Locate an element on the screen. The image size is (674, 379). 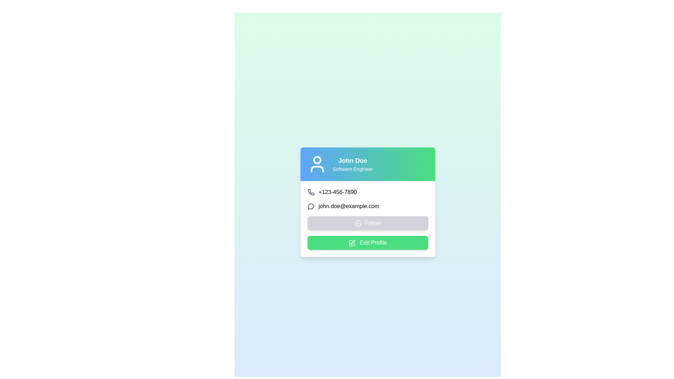
vector graphic element located beneath the circular avatar in the avatar section of the card using developer tools is located at coordinates (317, 169).